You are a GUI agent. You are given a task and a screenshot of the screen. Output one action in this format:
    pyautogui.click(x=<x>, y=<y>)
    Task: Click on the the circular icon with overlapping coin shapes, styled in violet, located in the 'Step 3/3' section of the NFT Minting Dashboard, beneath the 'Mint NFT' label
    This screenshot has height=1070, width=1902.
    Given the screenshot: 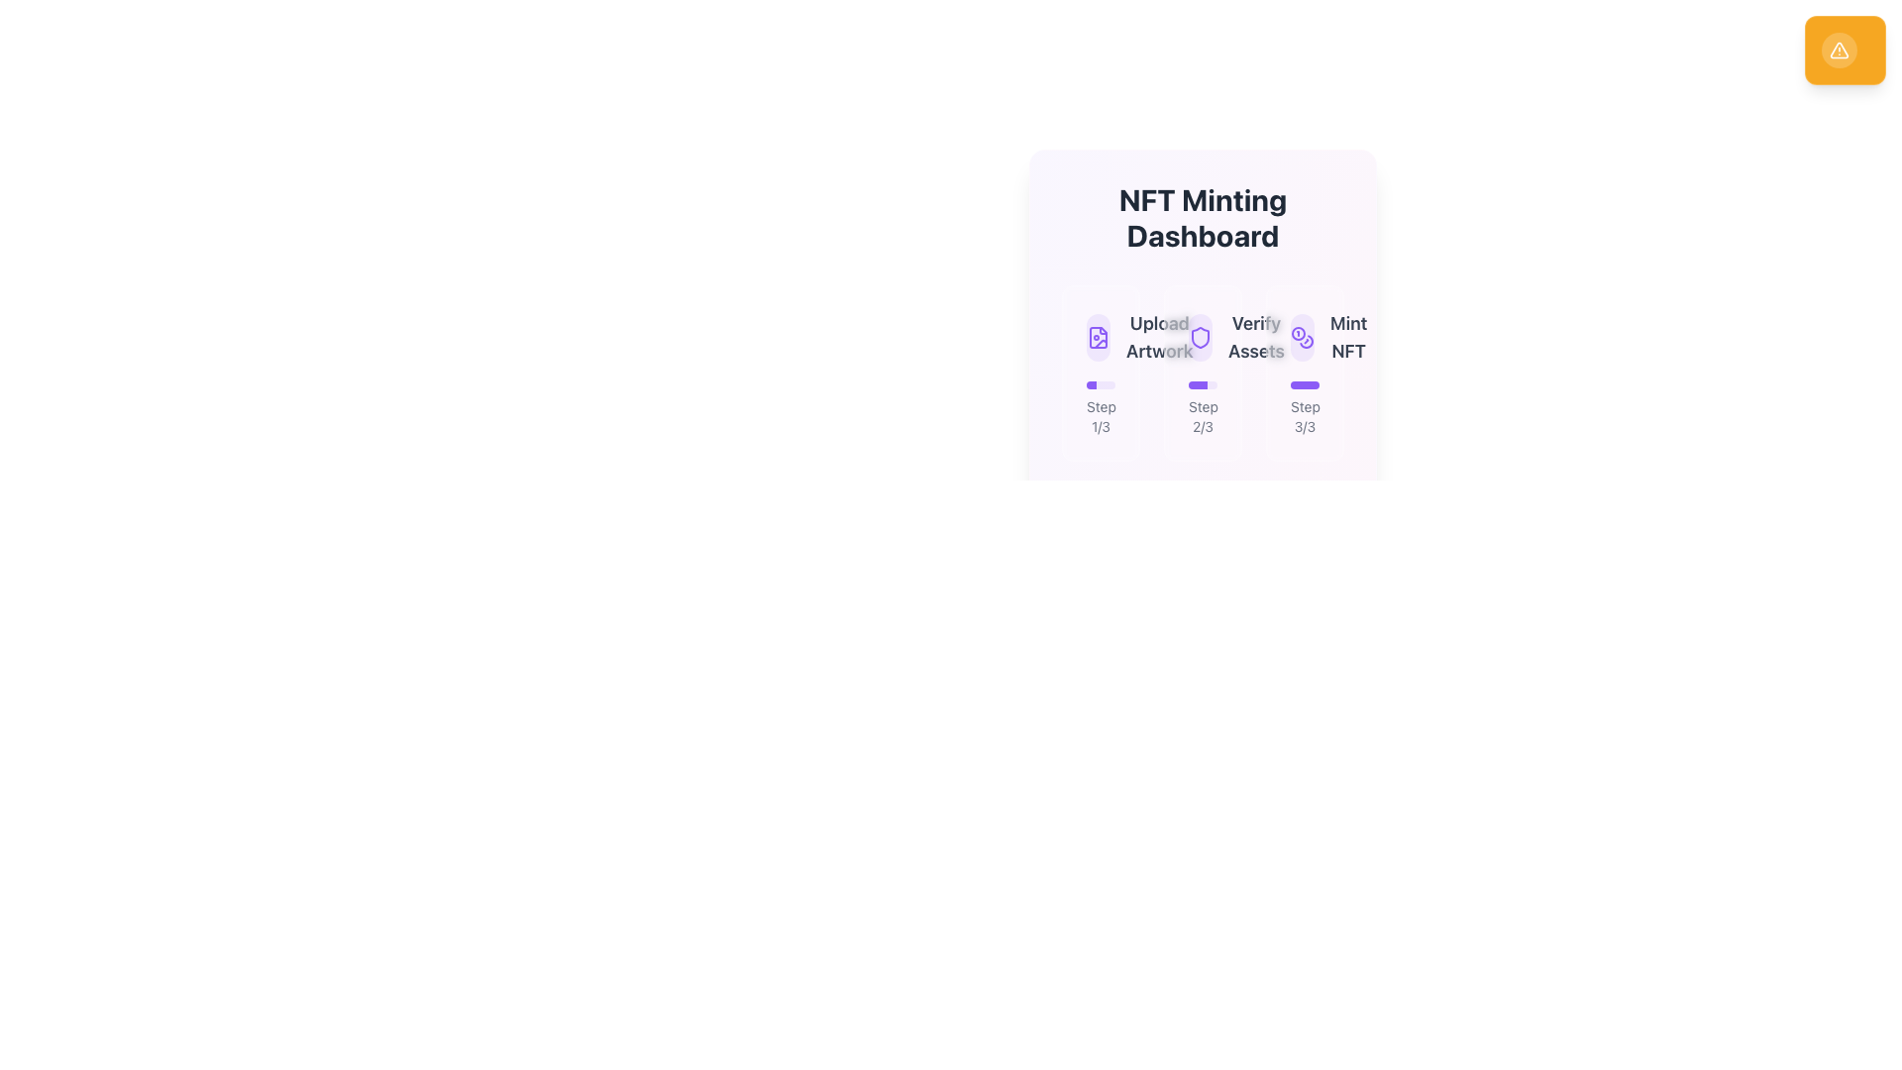 What is the action you would take?
    pyautogui.click(x=1303, y=336)
    